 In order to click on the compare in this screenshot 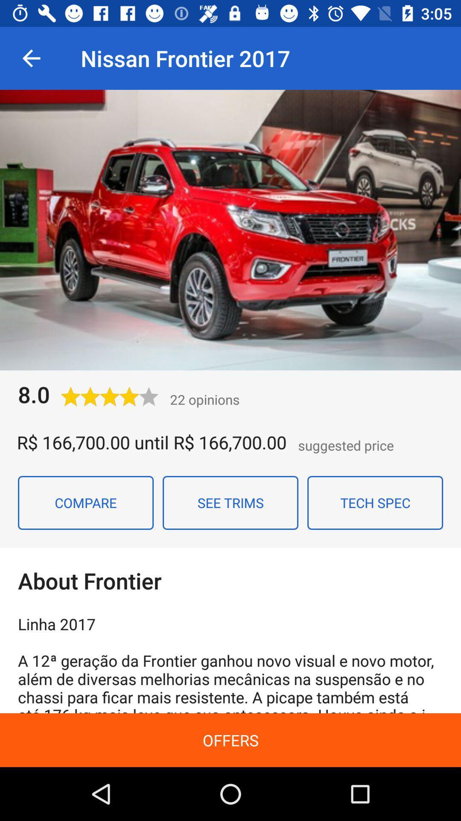, I will do `click(85, 503)`.